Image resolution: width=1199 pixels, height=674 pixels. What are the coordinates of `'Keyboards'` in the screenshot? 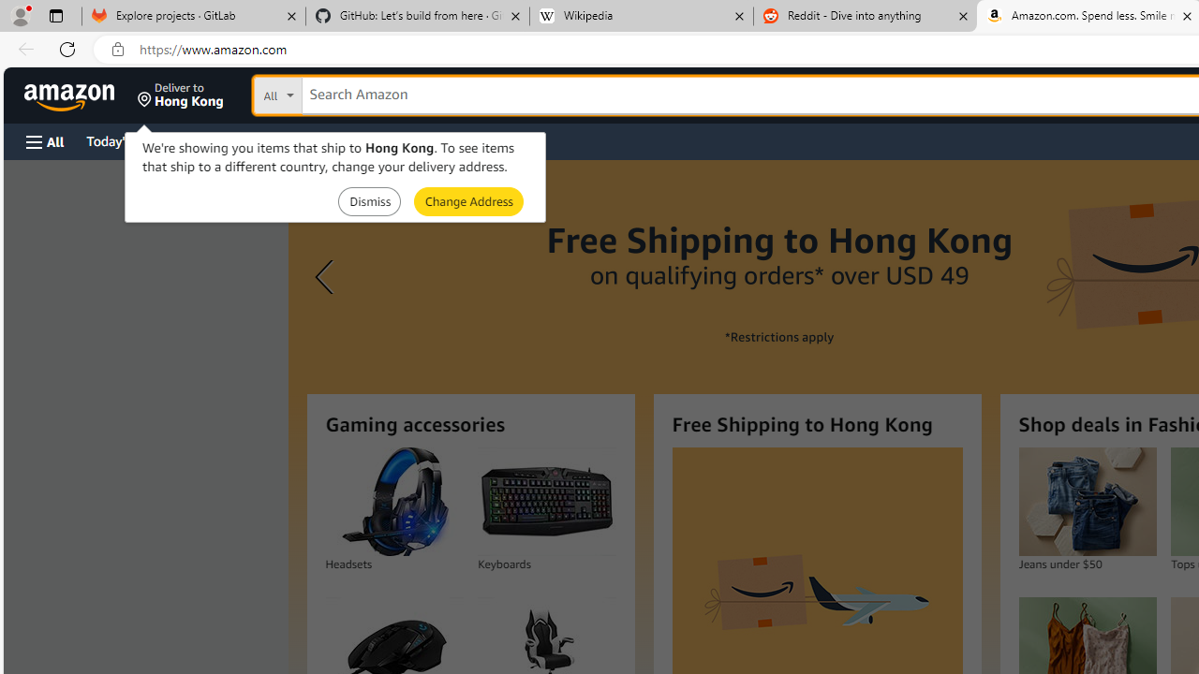 It's located at (545, 501).